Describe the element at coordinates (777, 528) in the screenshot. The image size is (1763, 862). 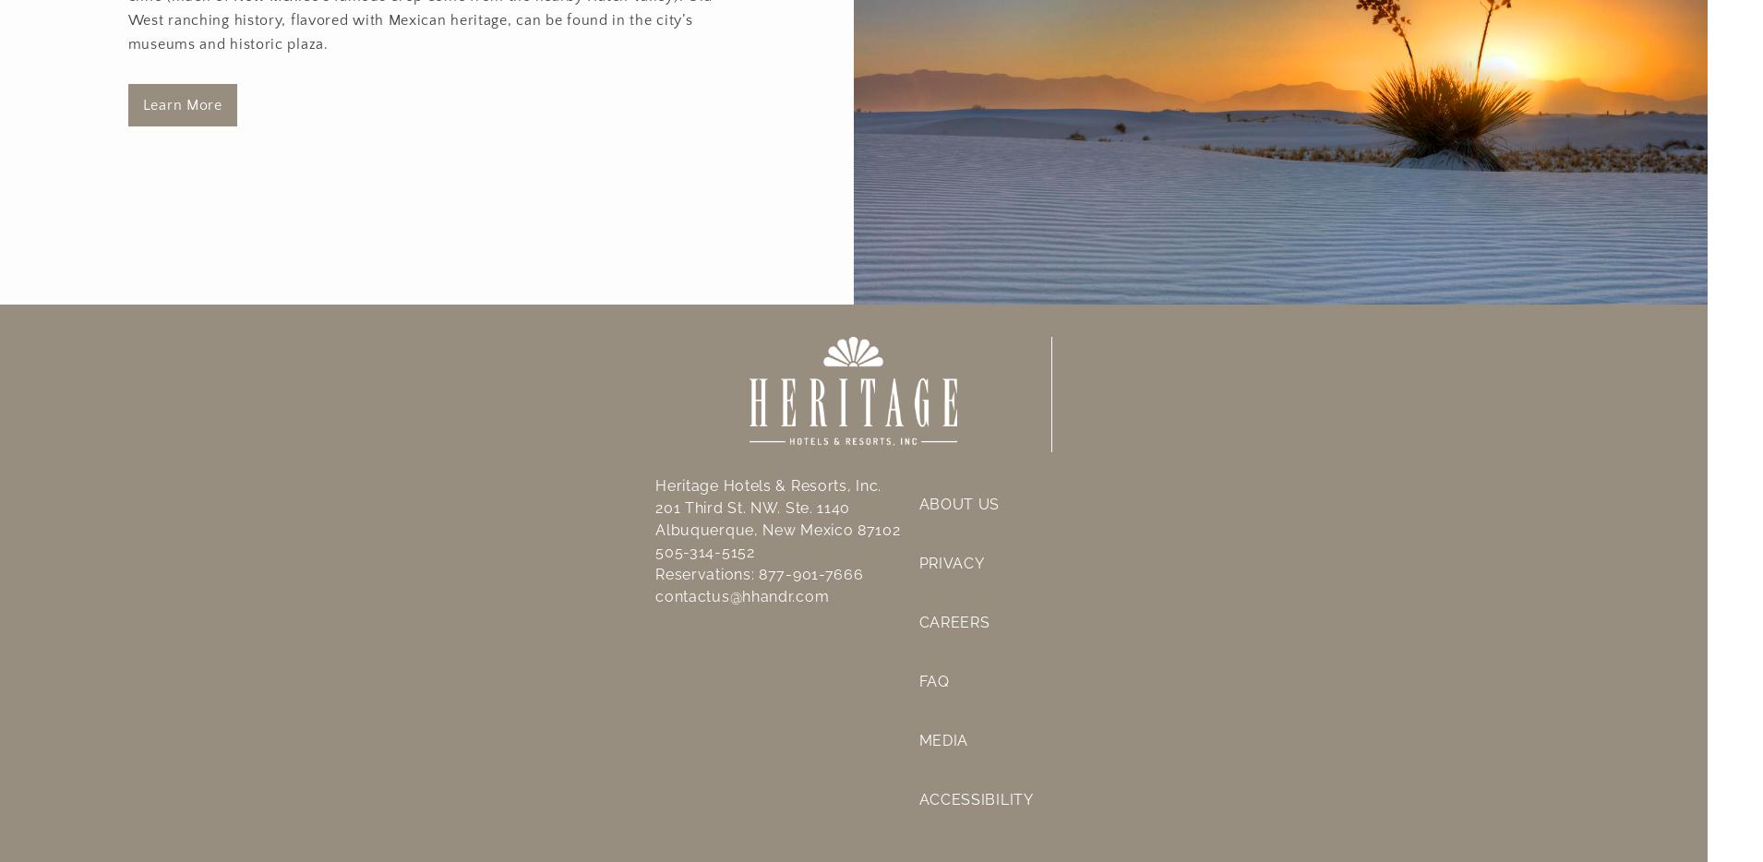
I see `'Albuquerque, New Mexico 87102'` at that location.